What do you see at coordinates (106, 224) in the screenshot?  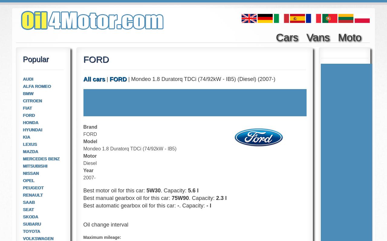 I see `'Oil change interval'` at bounding box center [106, 224].